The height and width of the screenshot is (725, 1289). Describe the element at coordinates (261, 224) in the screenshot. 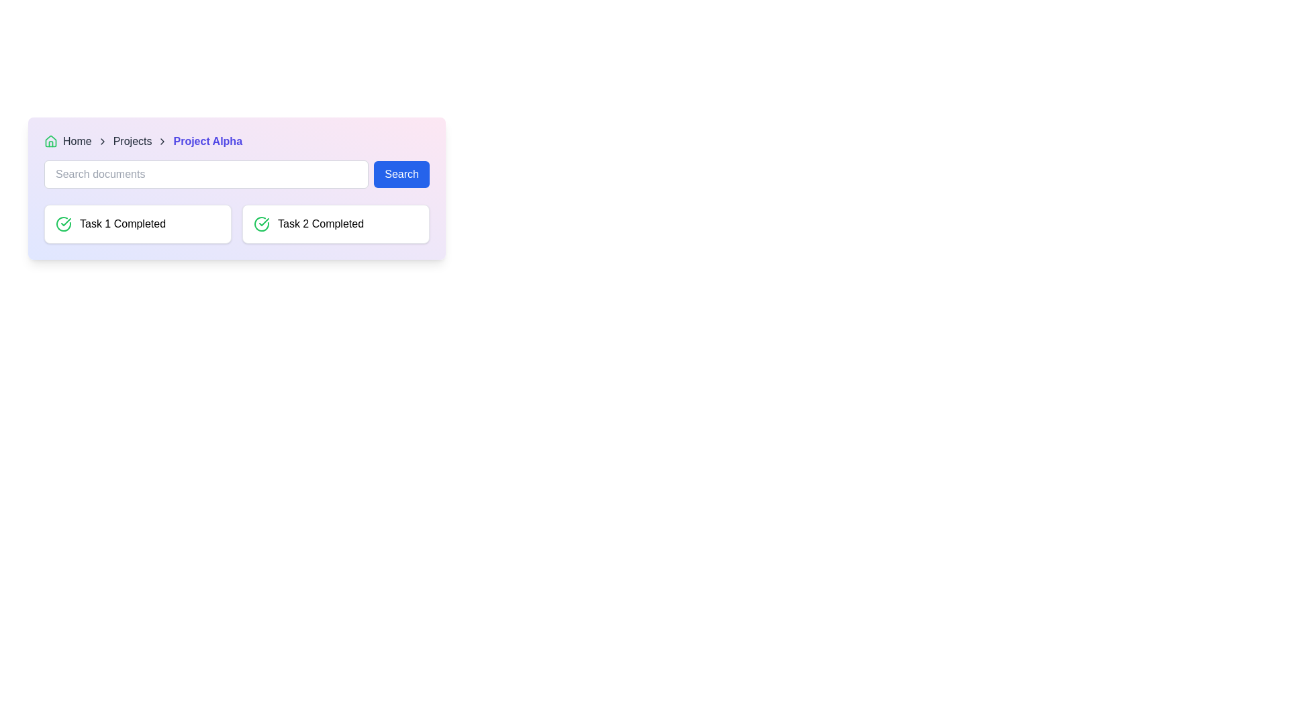

I see `the status represented by the circular green outlined icon with a checkmark symbol, which indicates a 'completed' or 'success' state, located within the card labeled 'Task 1 Completed'` at that location.